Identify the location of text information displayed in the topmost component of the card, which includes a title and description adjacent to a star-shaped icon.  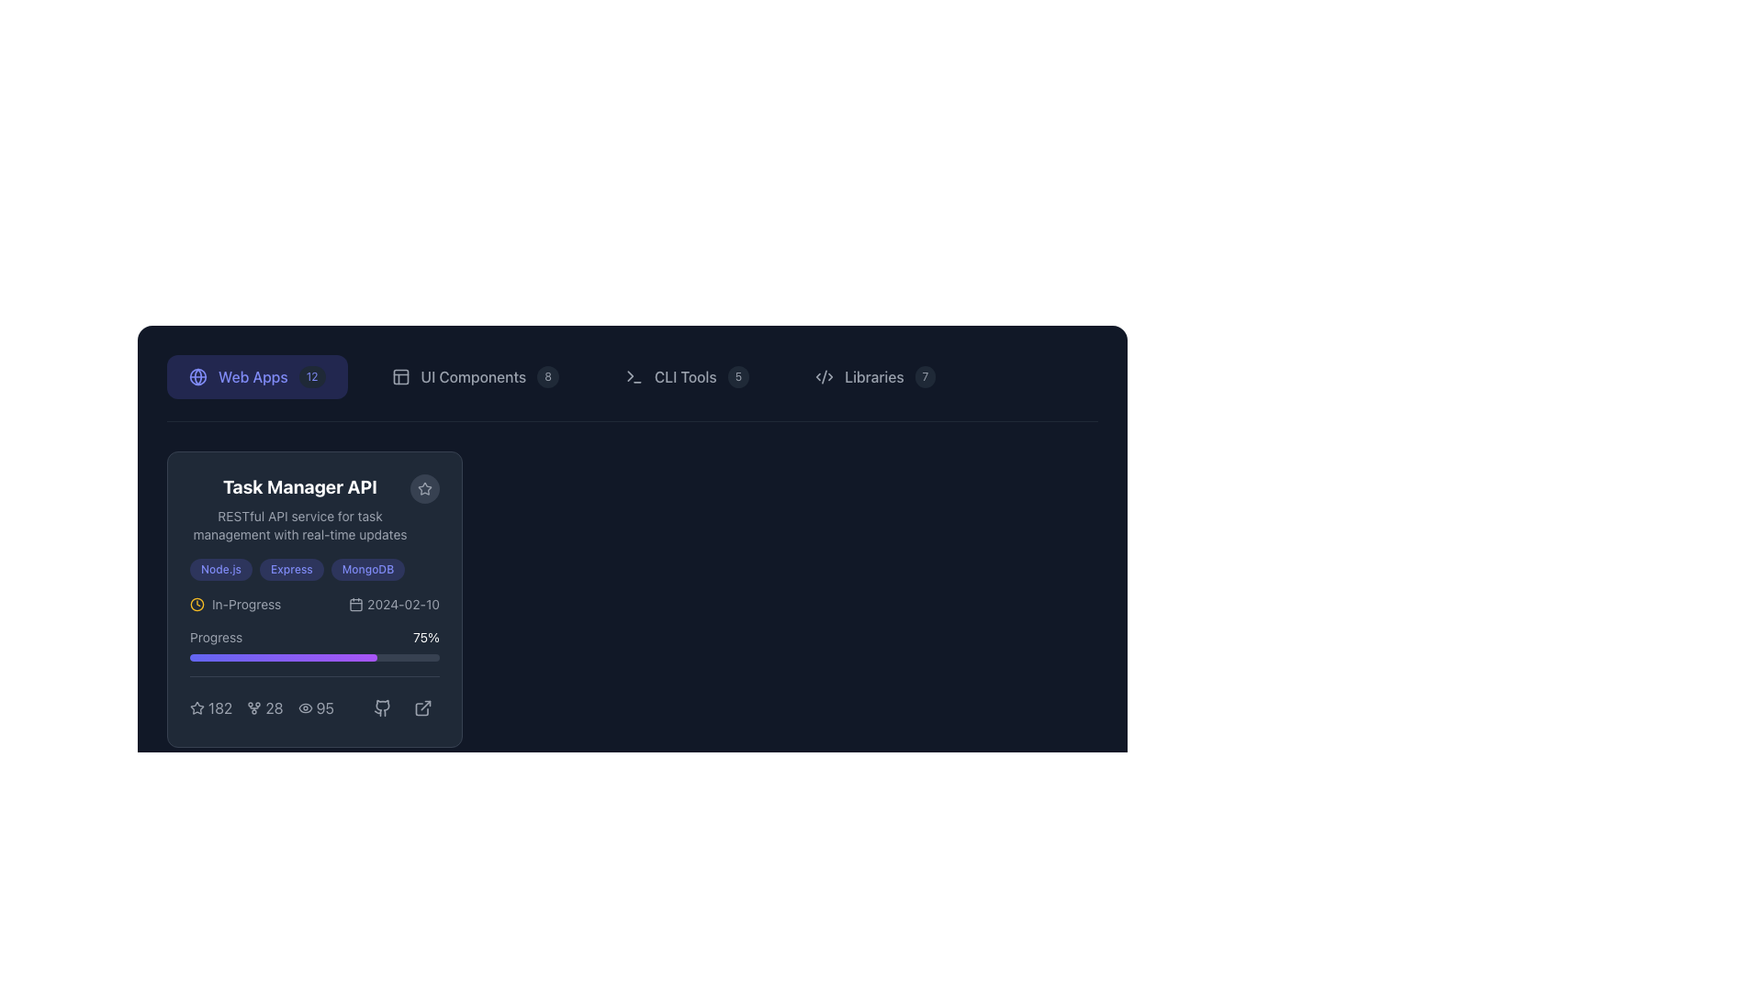
(299, 509).